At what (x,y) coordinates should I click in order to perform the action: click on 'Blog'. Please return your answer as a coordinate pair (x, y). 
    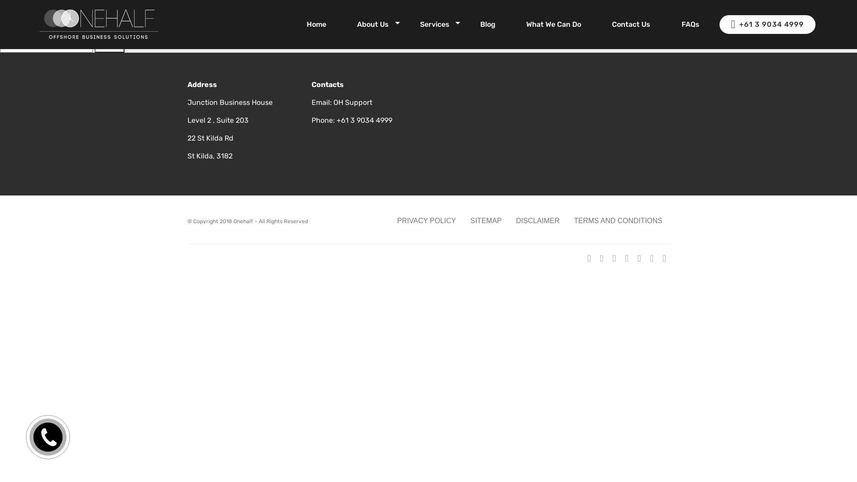
    Looking at the image, I should click on (487, 24).